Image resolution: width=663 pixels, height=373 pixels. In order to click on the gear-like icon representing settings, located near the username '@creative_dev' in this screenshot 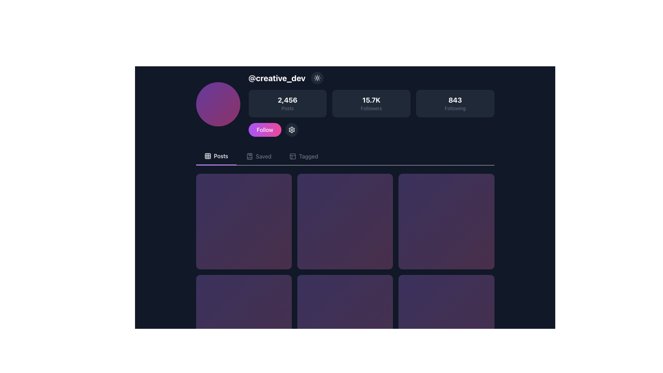, I will do `click(292, 130)`.